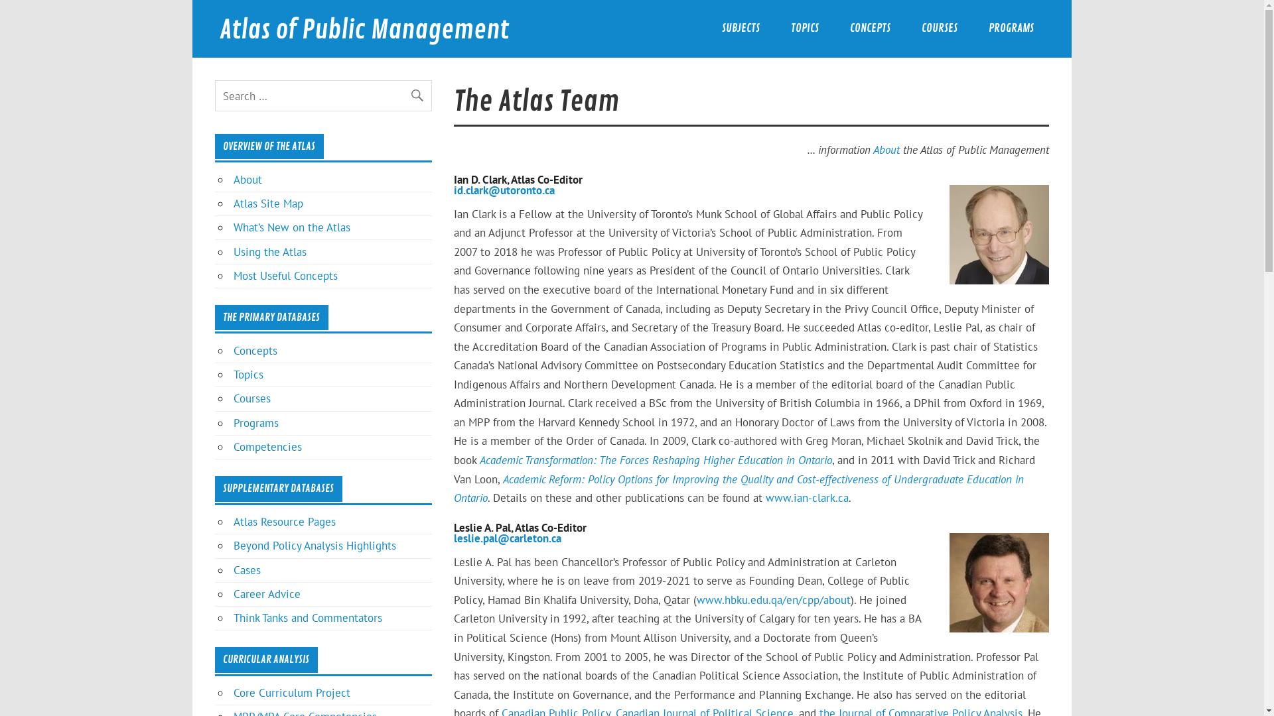  What do you see at coordinates (314, 545) in the screenshot?
I see `'Beyond Policy Analysis Highlights'` at bounding box center [314, 545].